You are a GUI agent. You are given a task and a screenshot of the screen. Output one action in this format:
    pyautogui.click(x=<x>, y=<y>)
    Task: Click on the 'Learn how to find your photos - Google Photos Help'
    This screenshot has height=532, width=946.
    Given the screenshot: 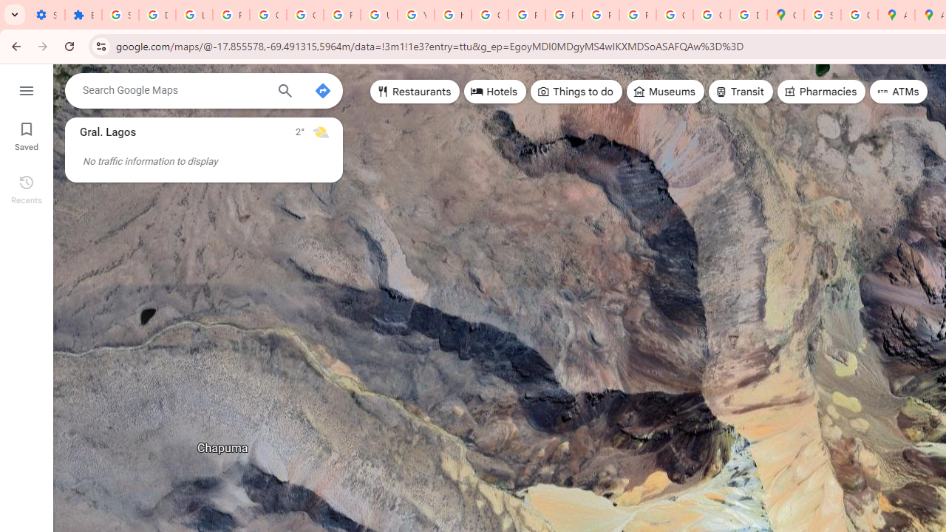 What is the action you would take?
    pyautogui.click(x=194, y=15)
    